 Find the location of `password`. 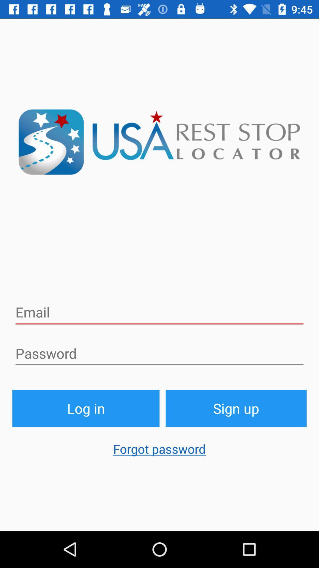

password is located at coordinates (159, 354).